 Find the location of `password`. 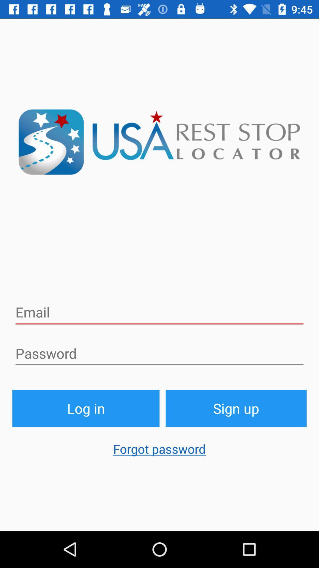

password is located at coordinates (159, 354).